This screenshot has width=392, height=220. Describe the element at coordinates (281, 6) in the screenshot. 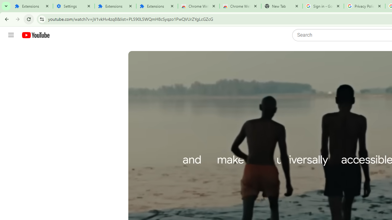

I see `'New Tab'` at that location.